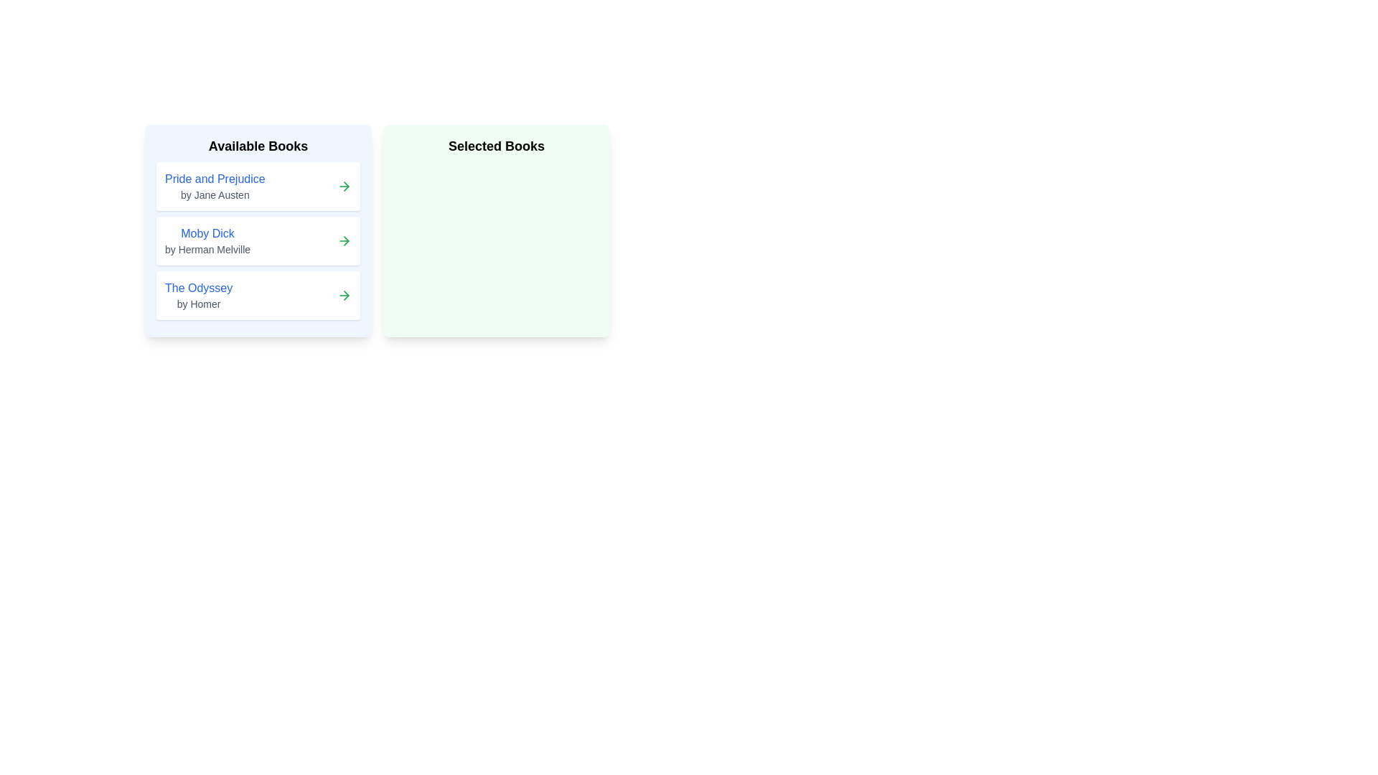 Image resolution: width=1378 pixels, height=775 pixels. Describe the element at coordinates (214, 195) in the screenshot. I see `the descriptive text label indicating the author of the book 'Pride and Prejudice' located in the 'Available Books' section` at that location.